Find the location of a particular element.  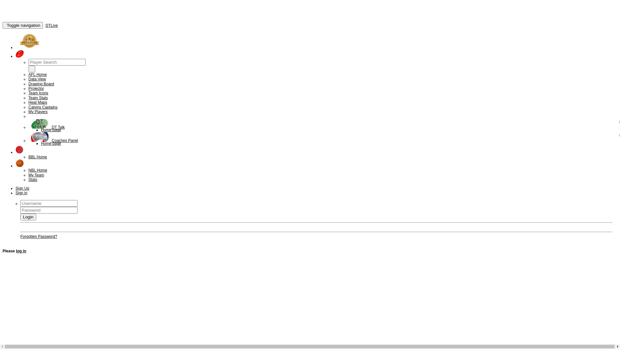

'BBL Home' is located at coordinates (37, 157).